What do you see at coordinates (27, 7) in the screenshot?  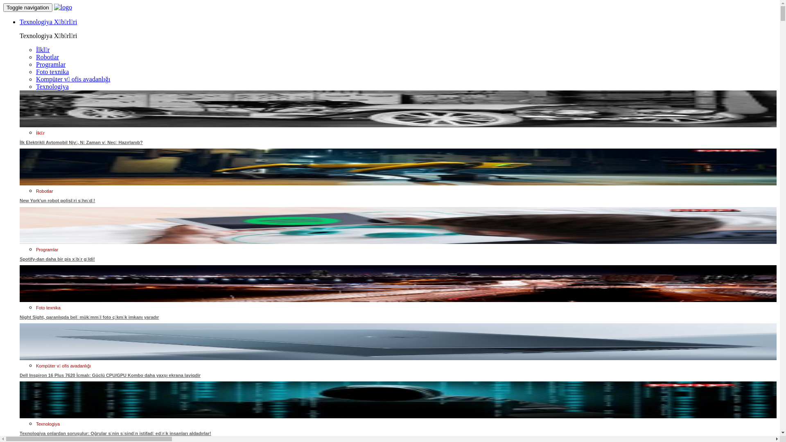 I see `'Toggle navigation'` at bounding box center [27, 7].